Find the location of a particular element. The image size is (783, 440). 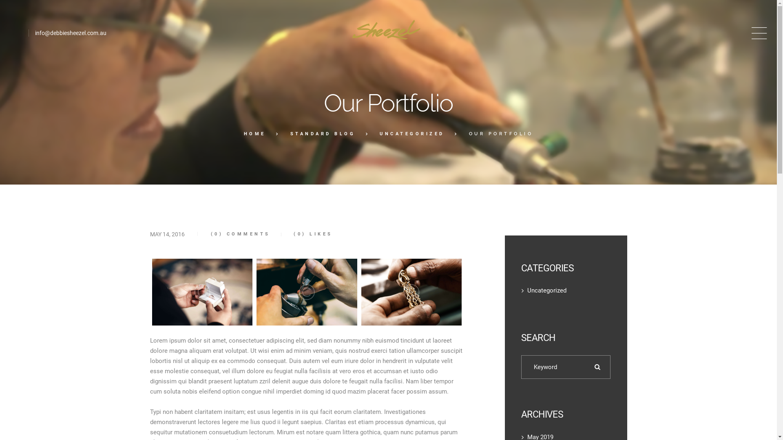

'STANDARD BLOG' is located at coordinates (323, 133).